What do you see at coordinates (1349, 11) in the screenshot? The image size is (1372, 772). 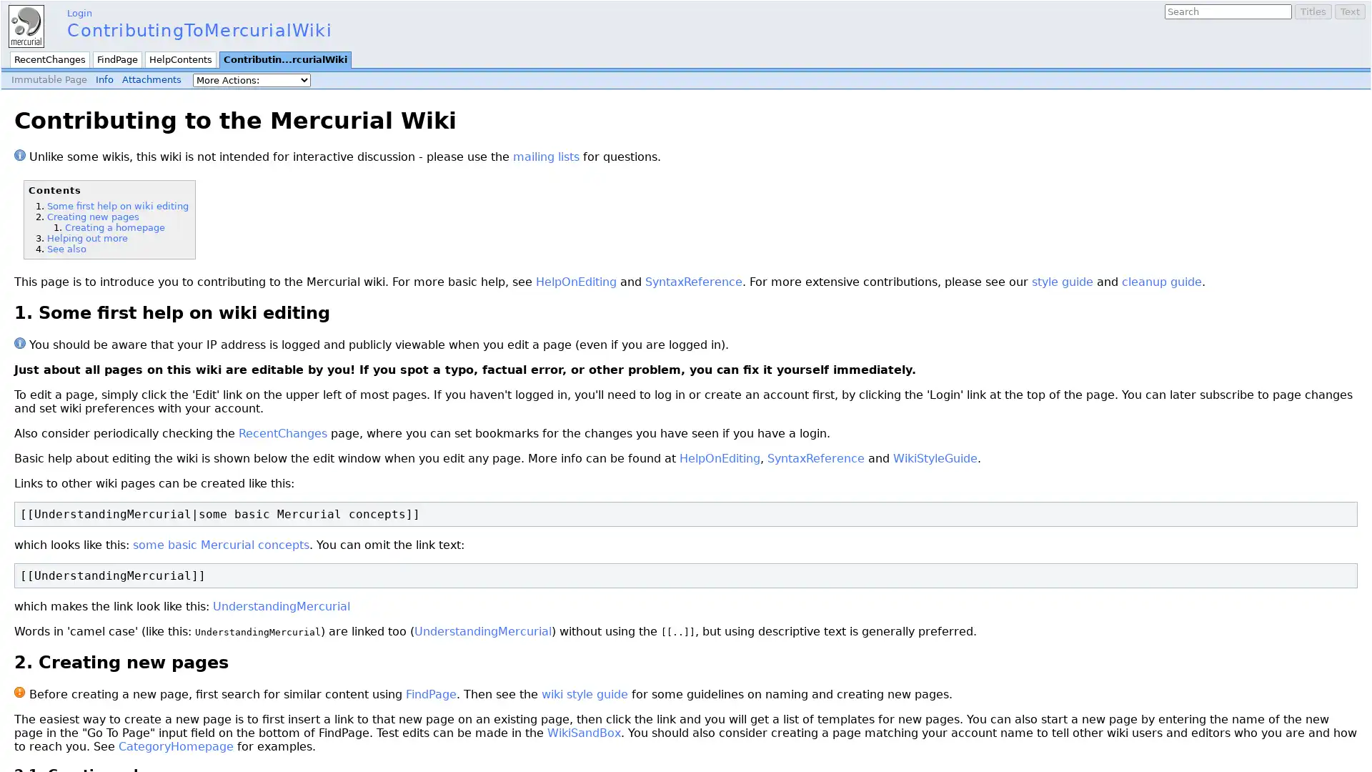 I see `Text` at bounding box center [1349, 11].